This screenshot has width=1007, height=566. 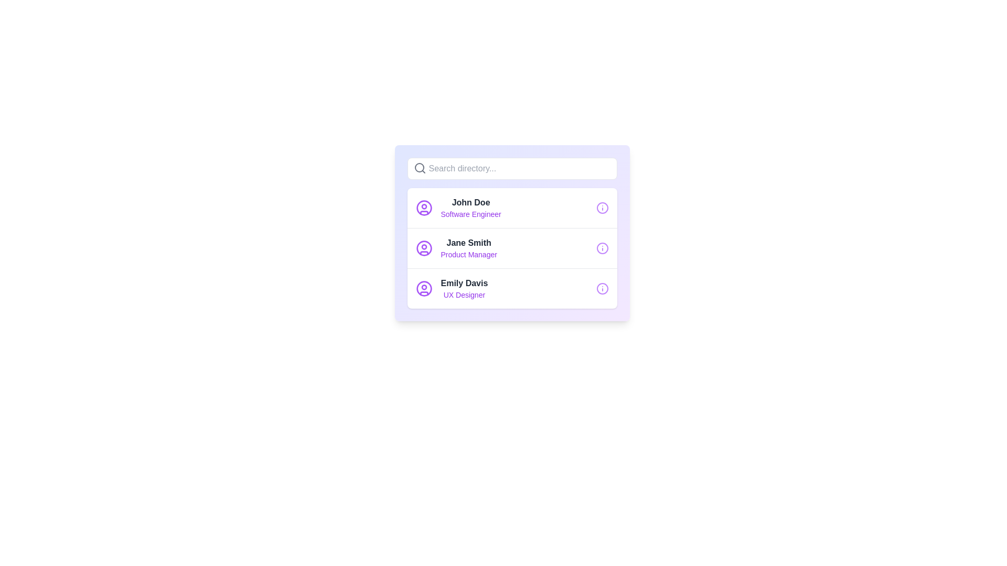 What do you see at coordinates (456, 248) in the screenshot?
I see `the list item displaying the name 'Jane Smith' and the title 'Product Manager'` at bounding box center [456, 248].